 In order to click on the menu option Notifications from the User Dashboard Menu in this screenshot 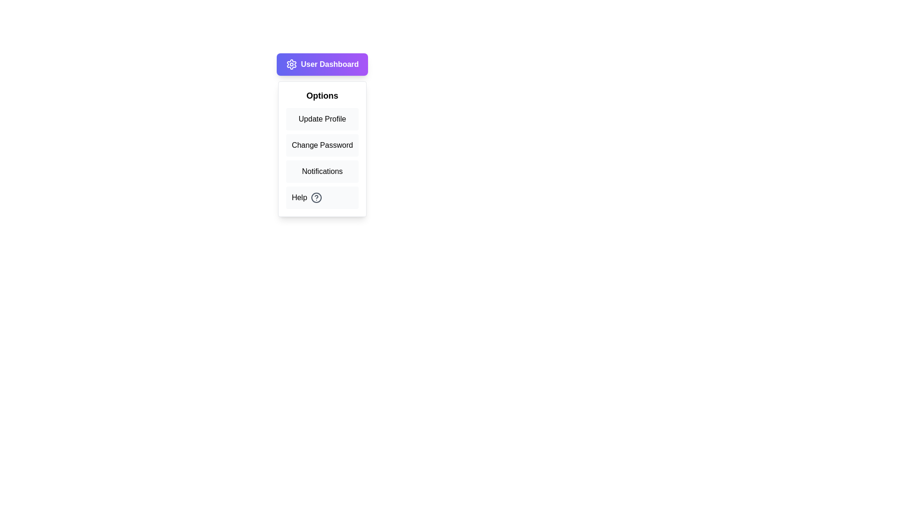, I will do `click(322, 171)`.